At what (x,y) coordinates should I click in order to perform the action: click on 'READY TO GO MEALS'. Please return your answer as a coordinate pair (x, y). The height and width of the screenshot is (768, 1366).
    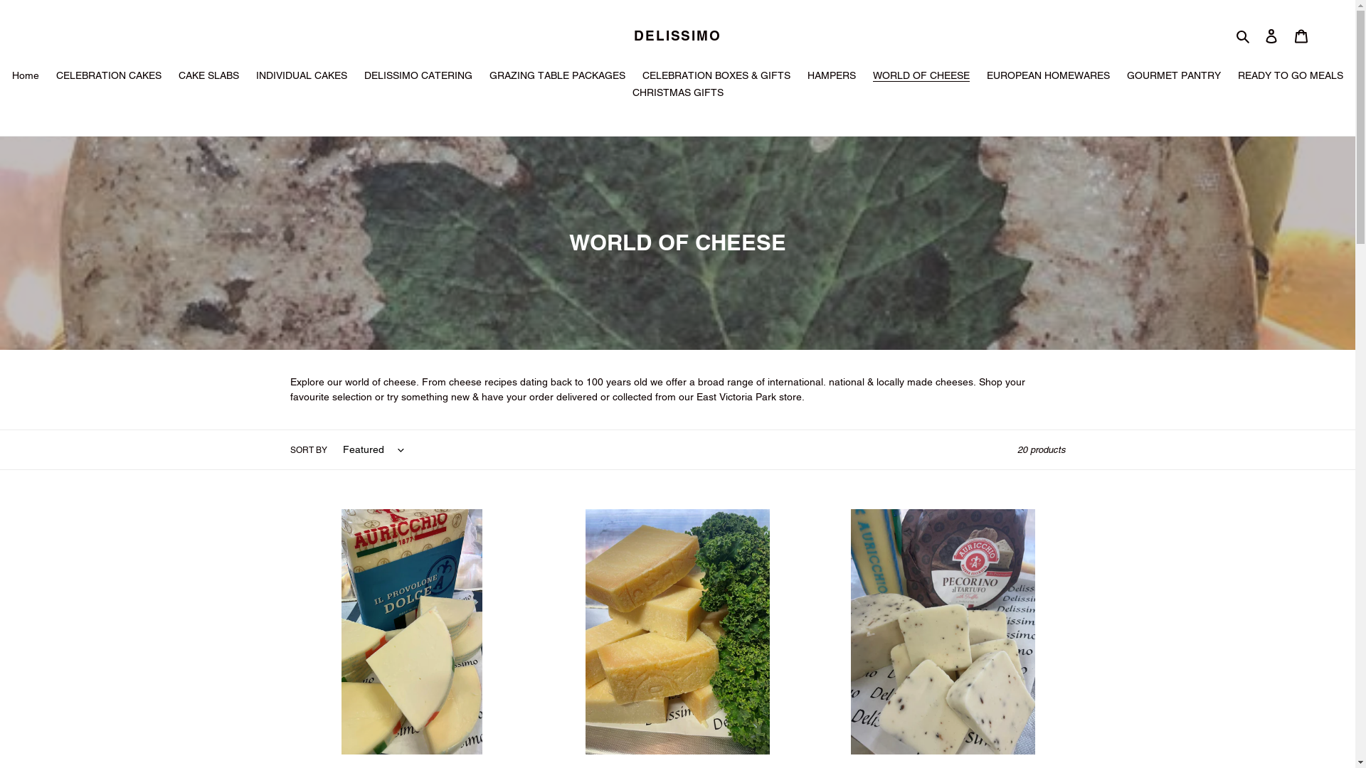
    Looking at the image, I should click on (1229, 77).